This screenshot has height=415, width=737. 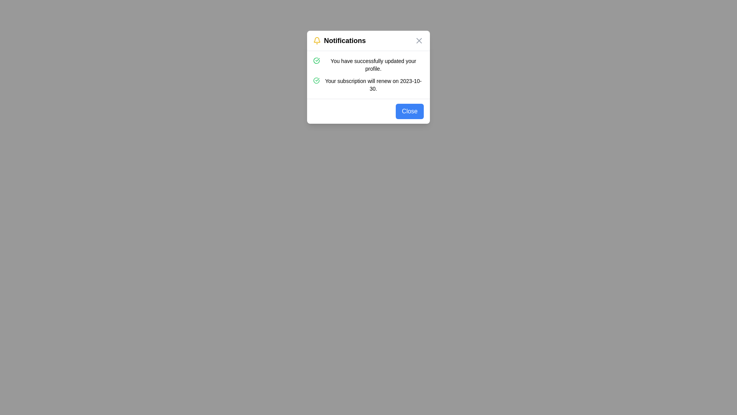 I want to click on the green circular icon with a checkmark, which indicates a successful or completed action, located to the left of the text 'Your subscription will renew on 2023-10-30.', so click(x=316, y=80).